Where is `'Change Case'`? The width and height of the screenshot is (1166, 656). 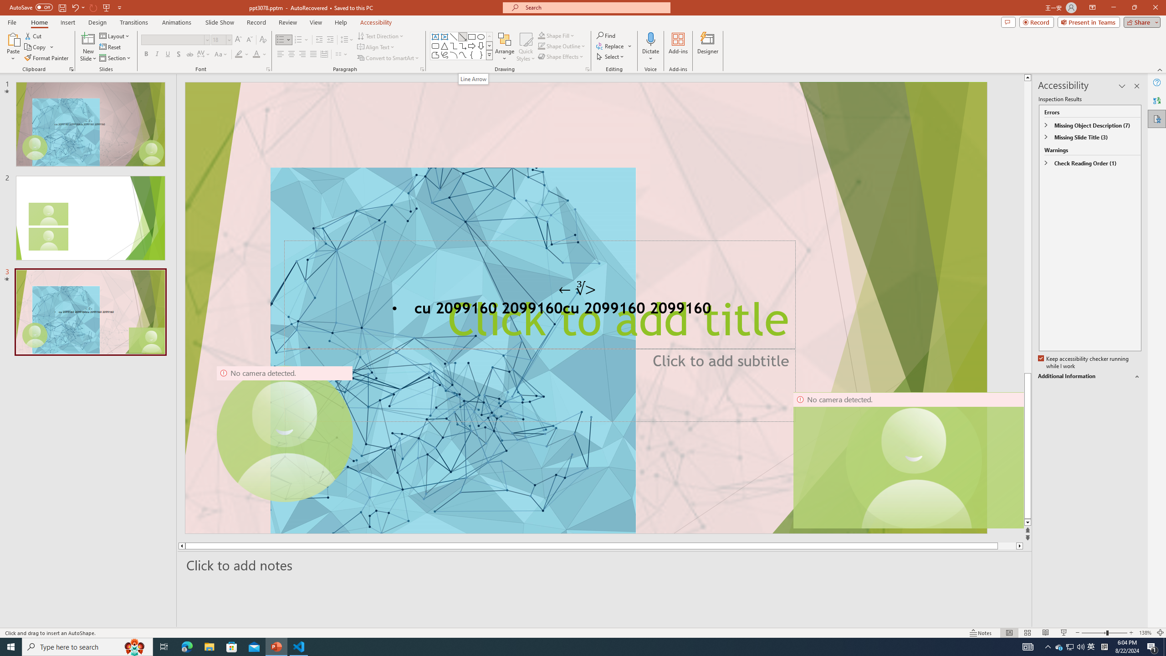
'Change Case' is located at coordinates (221, 54).